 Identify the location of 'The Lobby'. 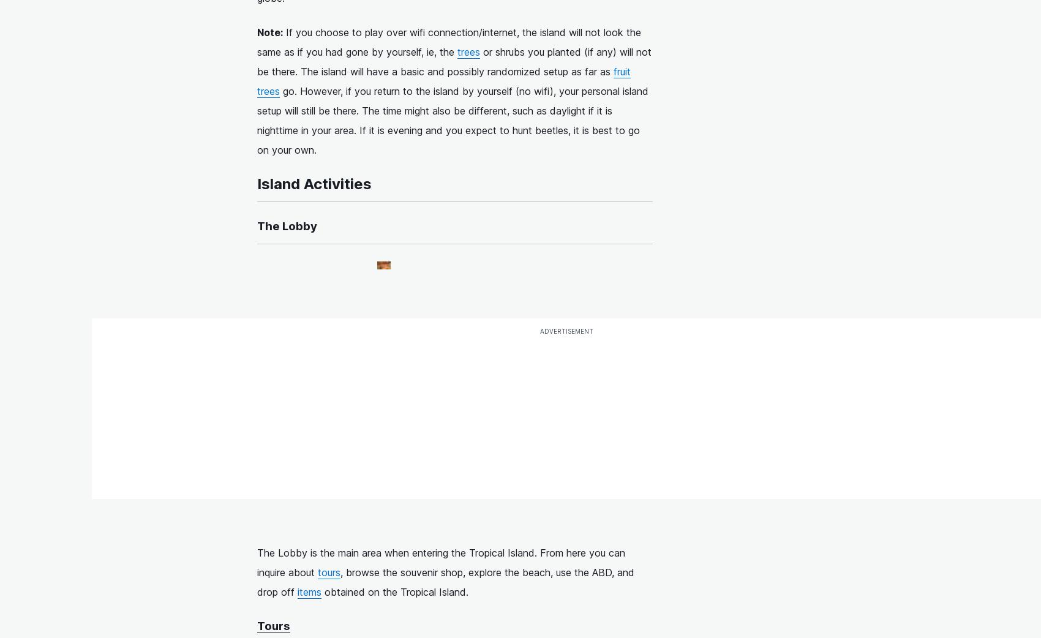
(287, 225).